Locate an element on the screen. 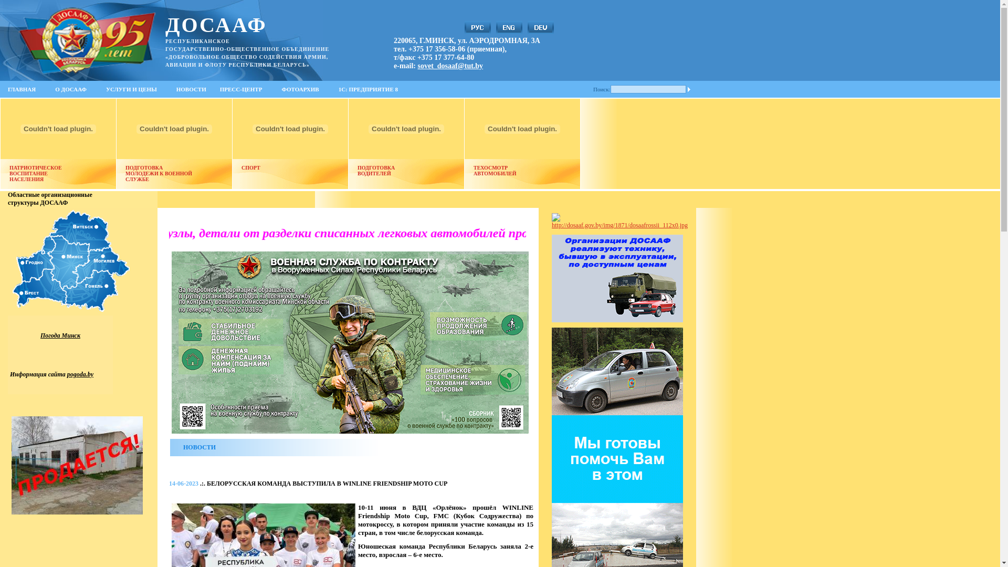 The image size is (1008, 567). 'pogoda.by' is located at coordinates (80, 374).